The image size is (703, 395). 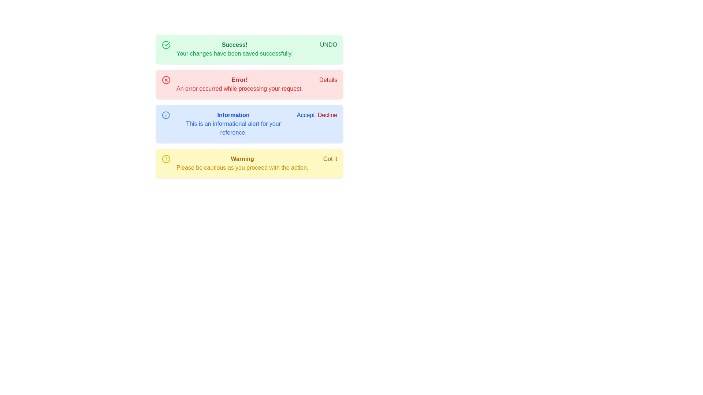 I want to click on warning text displayed in the static text label located within the yellow-highlighted 'Warning' alert box, positioned below the bold 'Warning' title, so click(x=242, y=168).